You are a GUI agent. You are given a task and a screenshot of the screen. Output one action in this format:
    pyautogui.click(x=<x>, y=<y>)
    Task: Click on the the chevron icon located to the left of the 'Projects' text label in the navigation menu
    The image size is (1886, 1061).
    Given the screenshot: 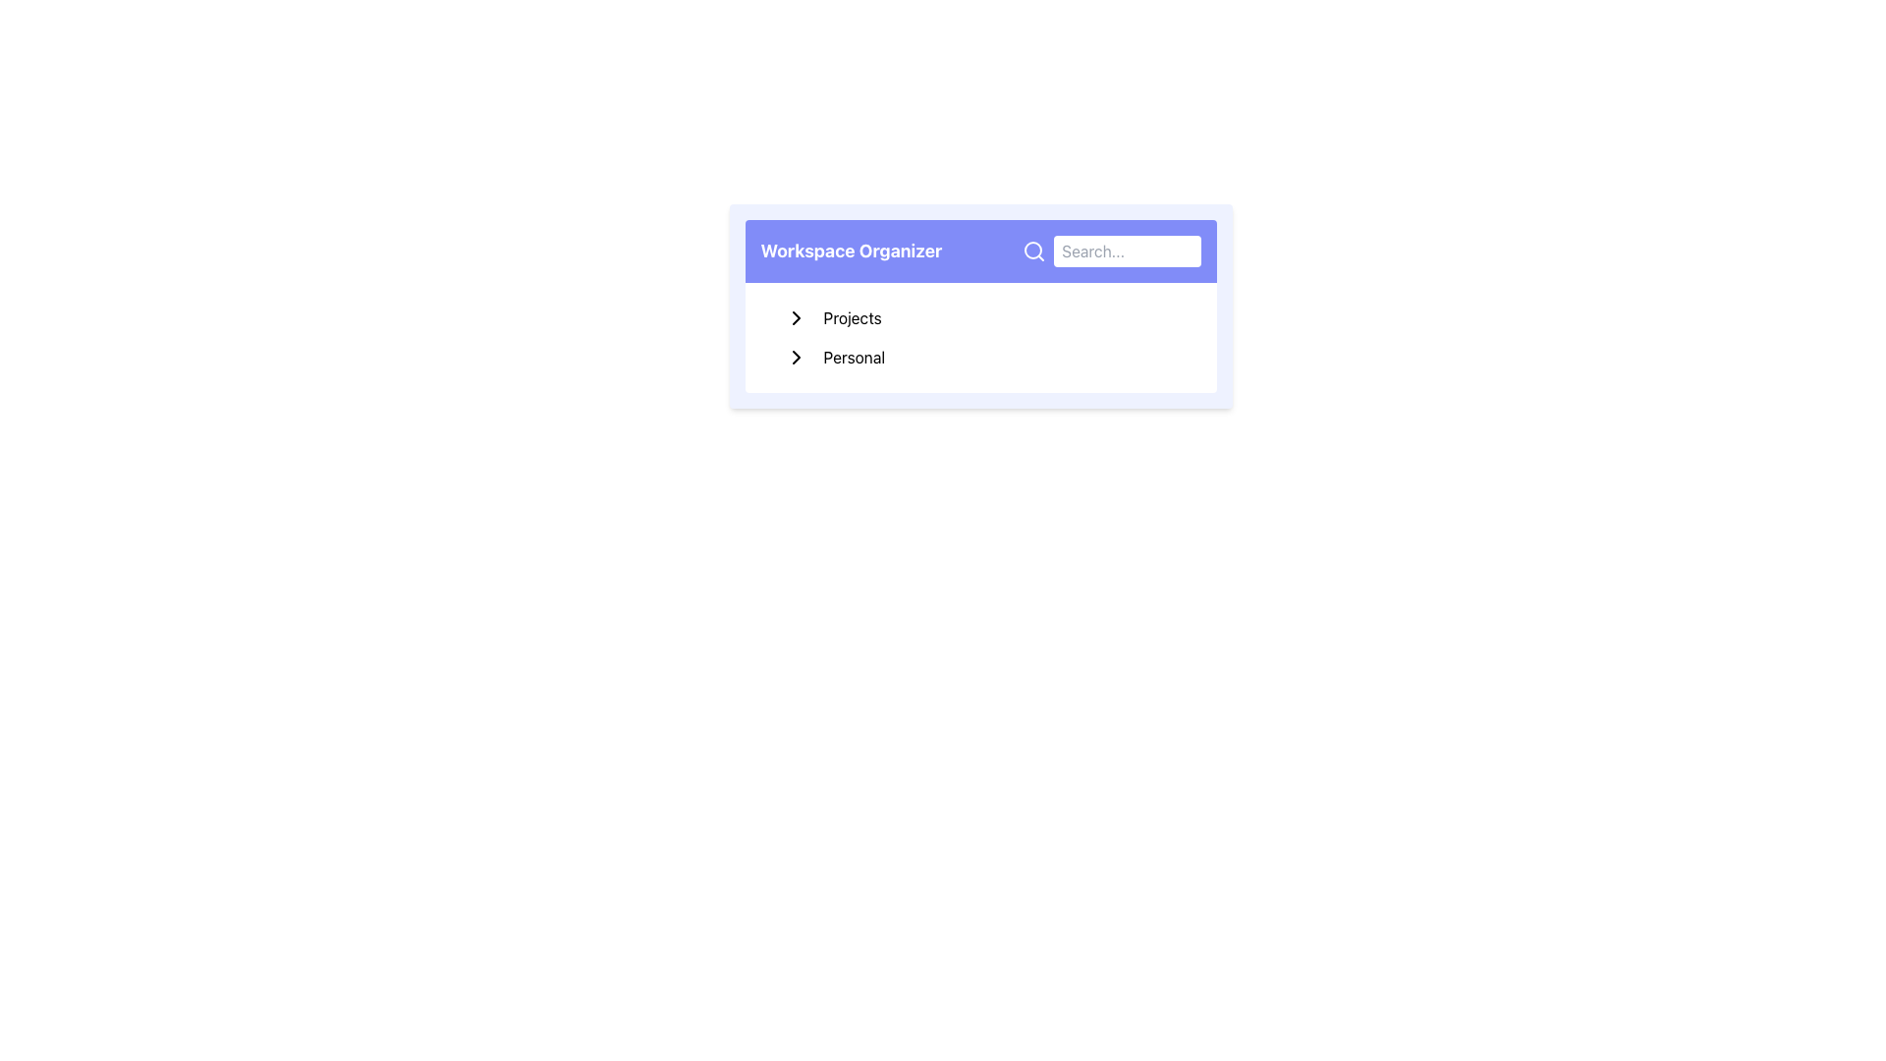 What is the action you would take?
    pyautogui.click(x=796, y=317)
    